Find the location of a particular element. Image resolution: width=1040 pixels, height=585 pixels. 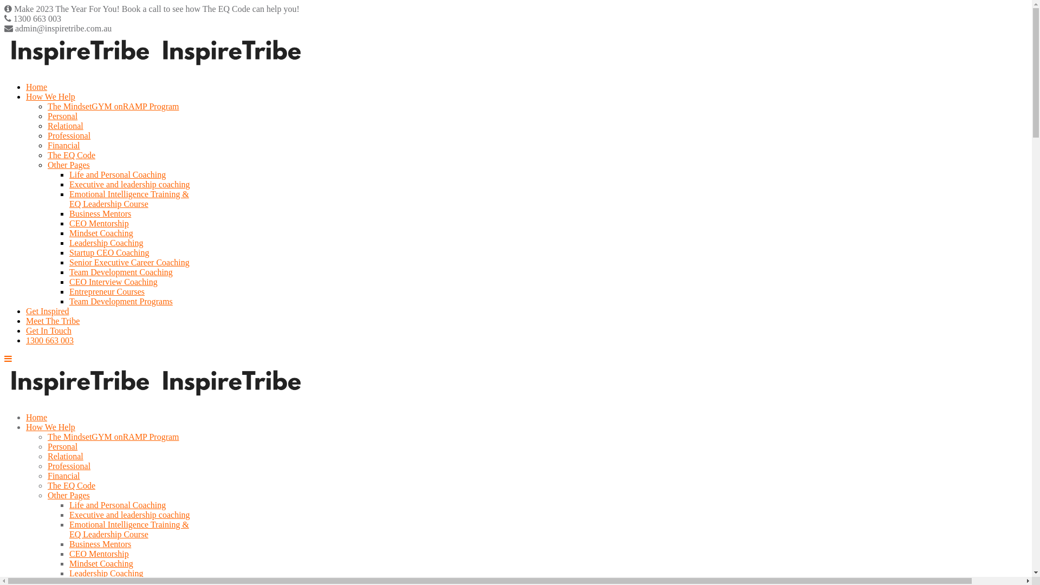

'Startup CEO Coaching' is located at coordinates (109, 252).